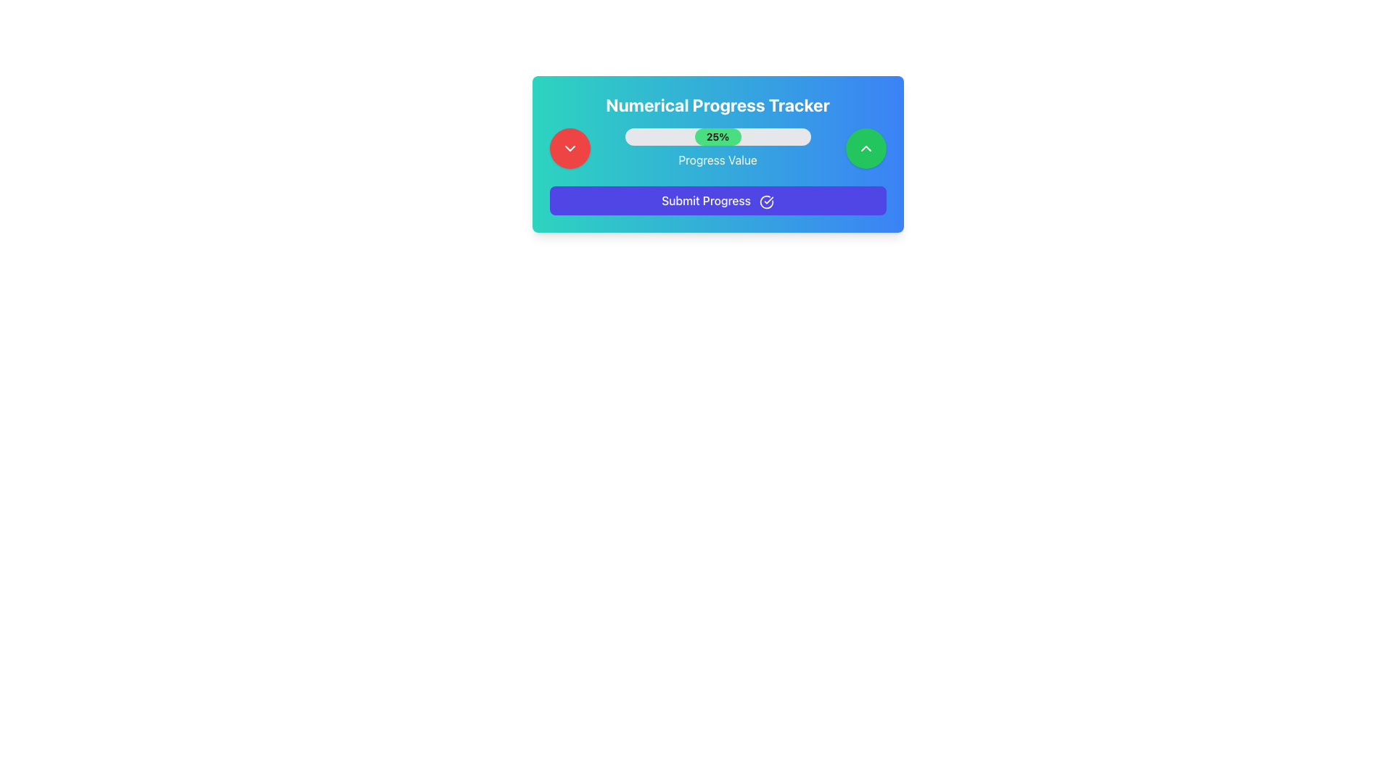 The width and height of the screenshot is (1393, 783). What do you see at coordinates (718, 137) in the screenshot?
I see `the Progress Bar that visually represents 25% completion, located below the header 'Numerical Progress Tracker' and above the label 'Progress Value'` at bounding box center [718, 137].